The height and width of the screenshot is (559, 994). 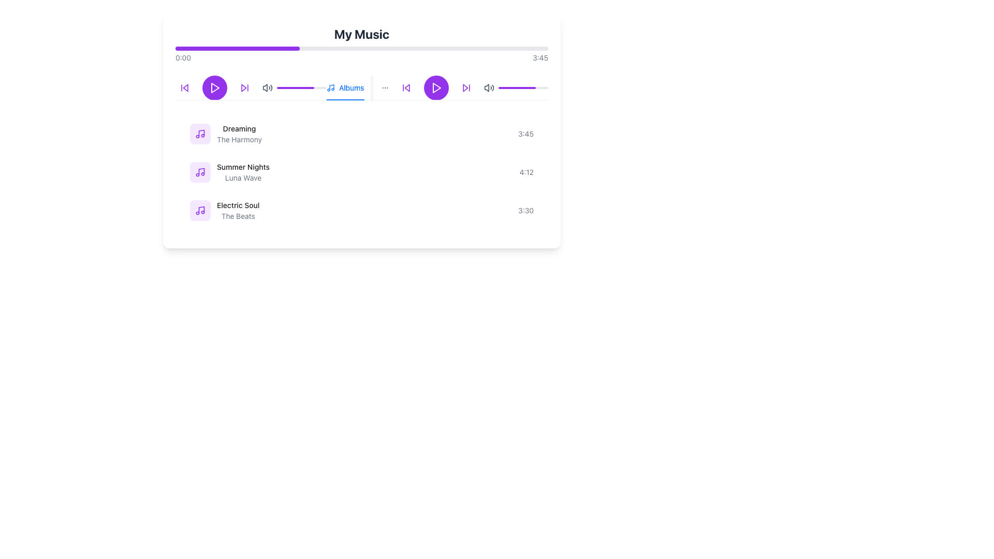 I want to click on the third selectable music track item in the vertical list, so click(x=362, y=210).